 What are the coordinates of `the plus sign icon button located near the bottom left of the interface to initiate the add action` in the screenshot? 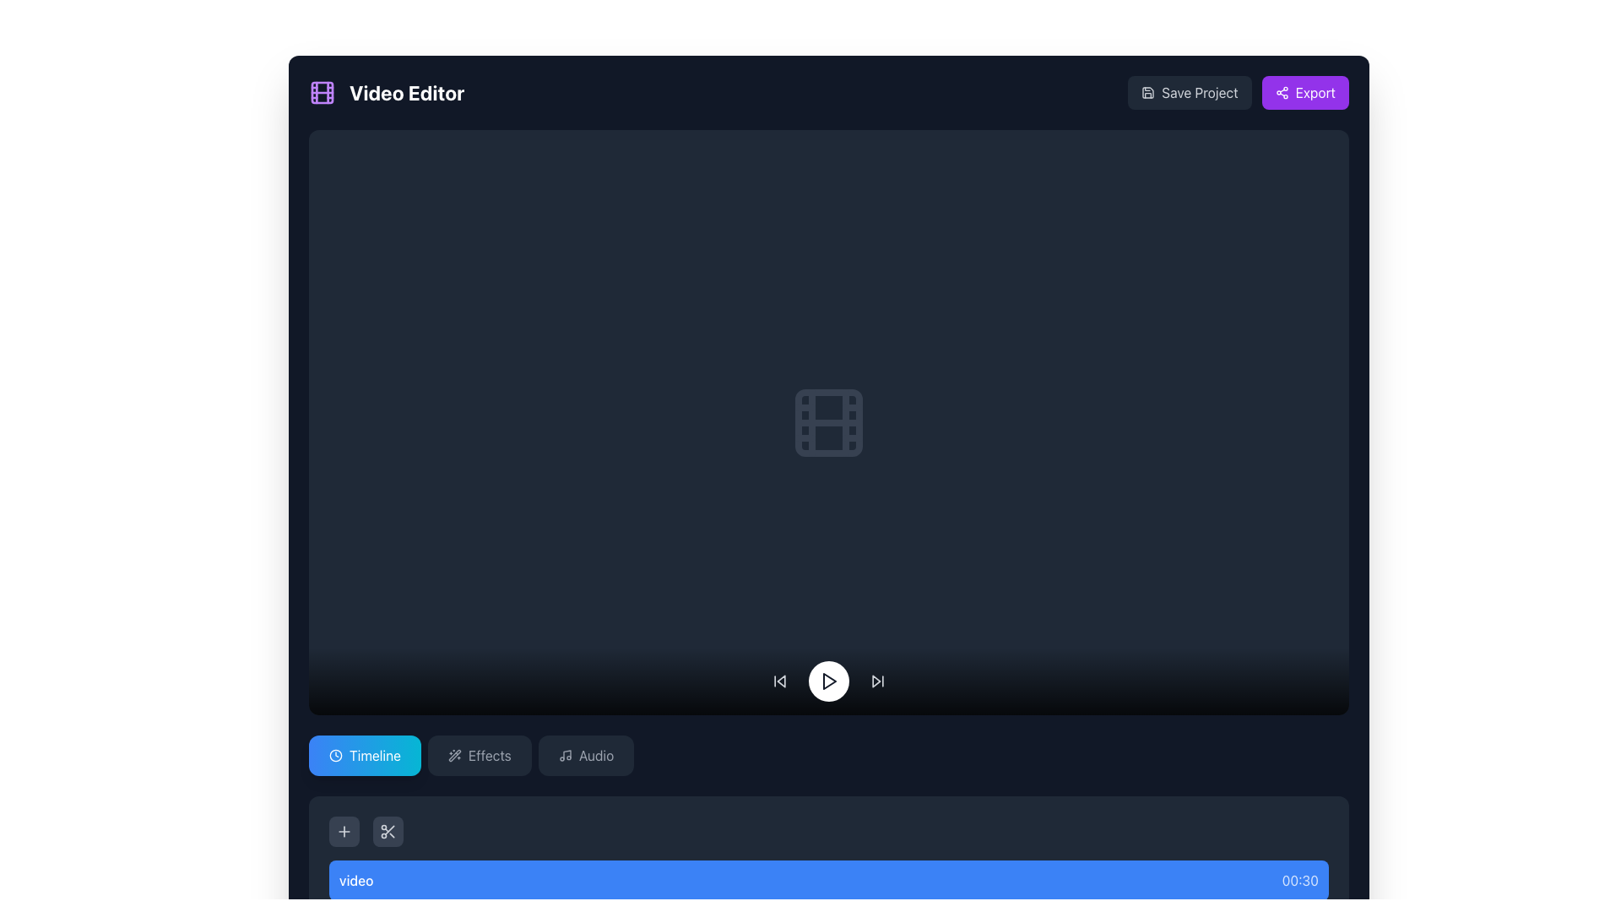 It's located at (344, 830).